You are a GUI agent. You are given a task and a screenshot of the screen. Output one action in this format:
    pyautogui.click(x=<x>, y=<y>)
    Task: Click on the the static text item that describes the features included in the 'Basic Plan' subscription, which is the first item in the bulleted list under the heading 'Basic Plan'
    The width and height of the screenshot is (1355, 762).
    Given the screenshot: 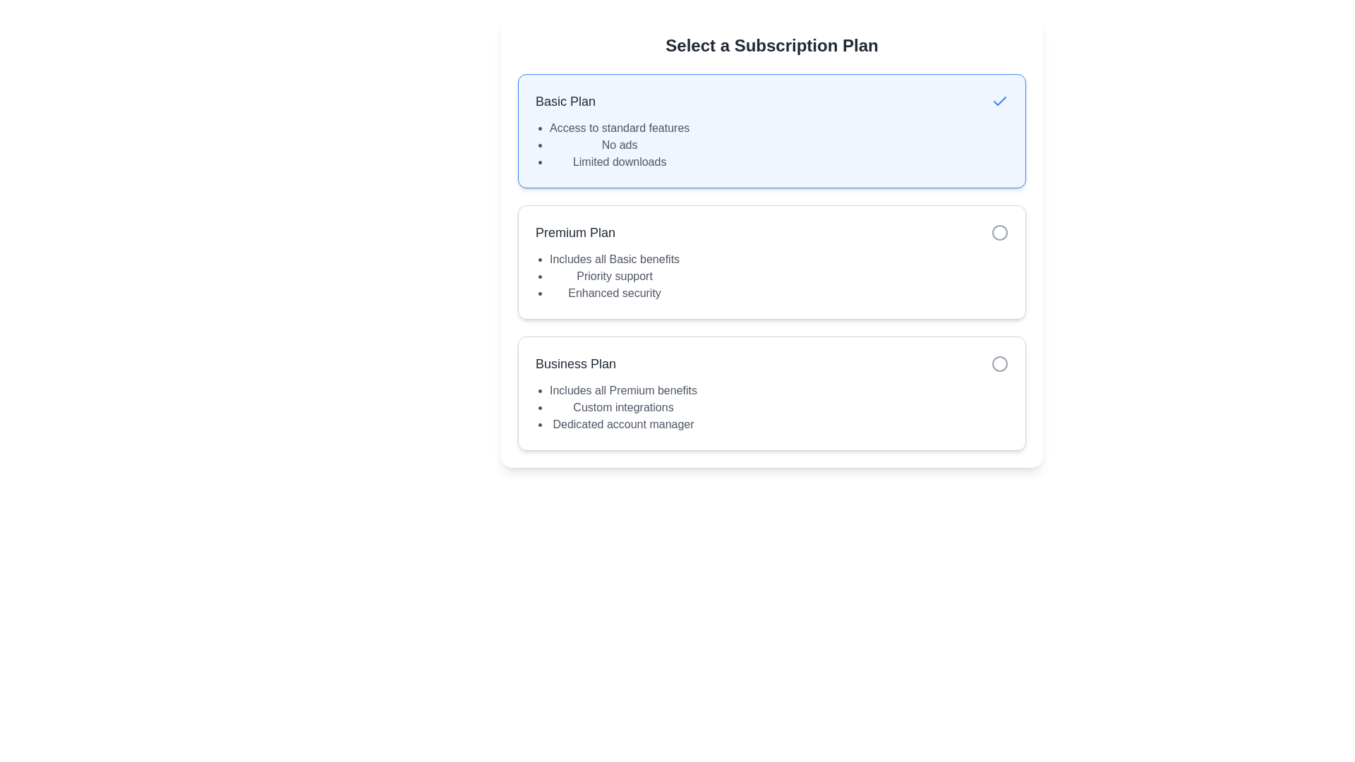 What is the action you would take?
    pyautogui.click(x=620, y=128)
    